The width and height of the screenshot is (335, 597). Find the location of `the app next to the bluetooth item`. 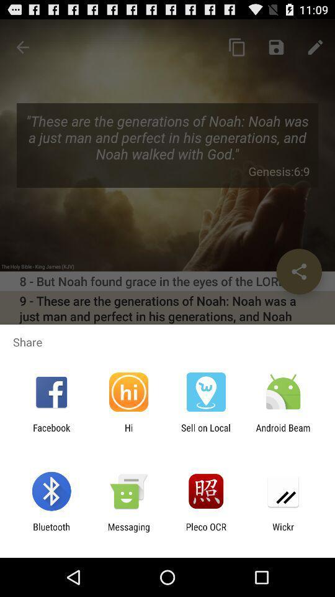

the app next to the bluetooth item is located at coordinates (128, 532).